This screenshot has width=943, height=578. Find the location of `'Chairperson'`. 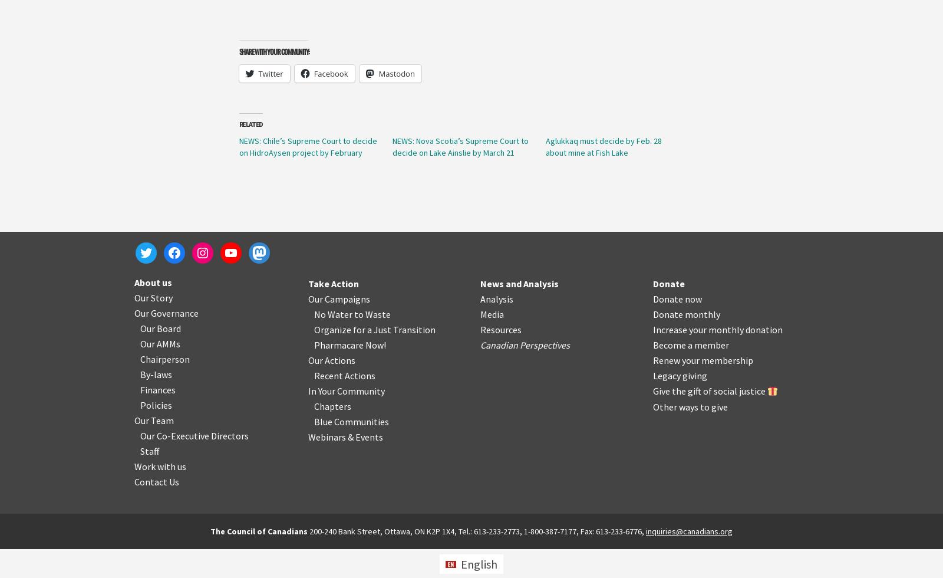

'Chairperson' is located at coordinates (165, 359).